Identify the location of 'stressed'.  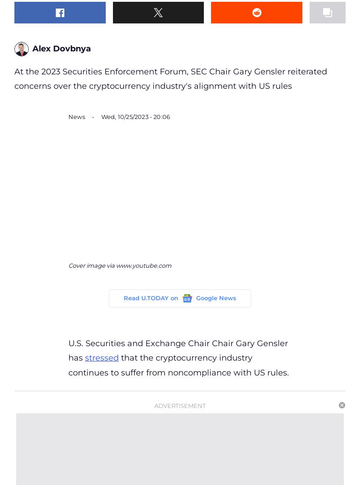
(102, 357).